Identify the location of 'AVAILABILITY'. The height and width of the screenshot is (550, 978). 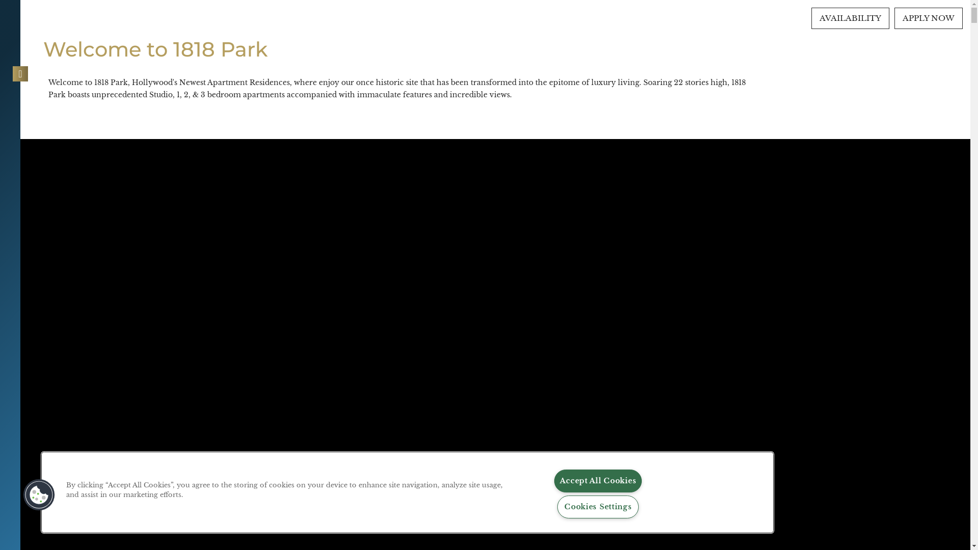
(850, 18).